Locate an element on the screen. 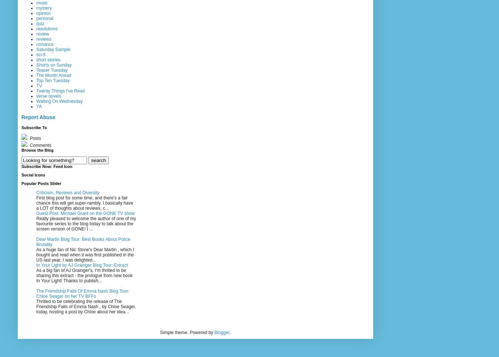 This screenshot has height=357, width=499. 'Social Icons' is located at coordinates (33, 175).